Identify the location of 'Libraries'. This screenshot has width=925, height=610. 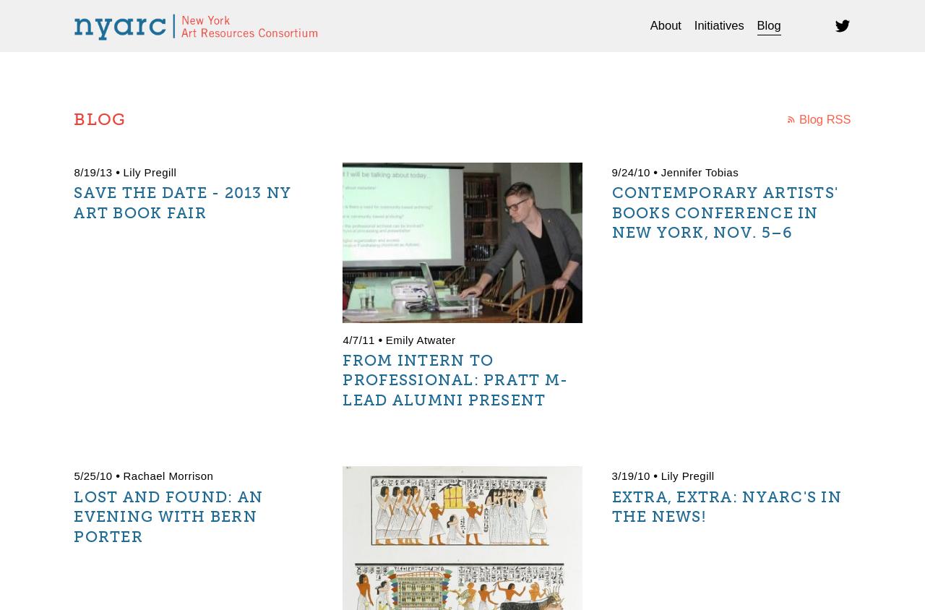
(657, 69).